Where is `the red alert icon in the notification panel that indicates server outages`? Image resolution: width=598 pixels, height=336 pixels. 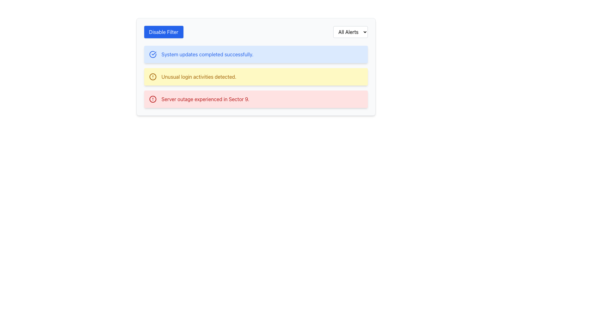 the red alert icon in the notification panel that indicates server outages is located at coordinates (153, 99).